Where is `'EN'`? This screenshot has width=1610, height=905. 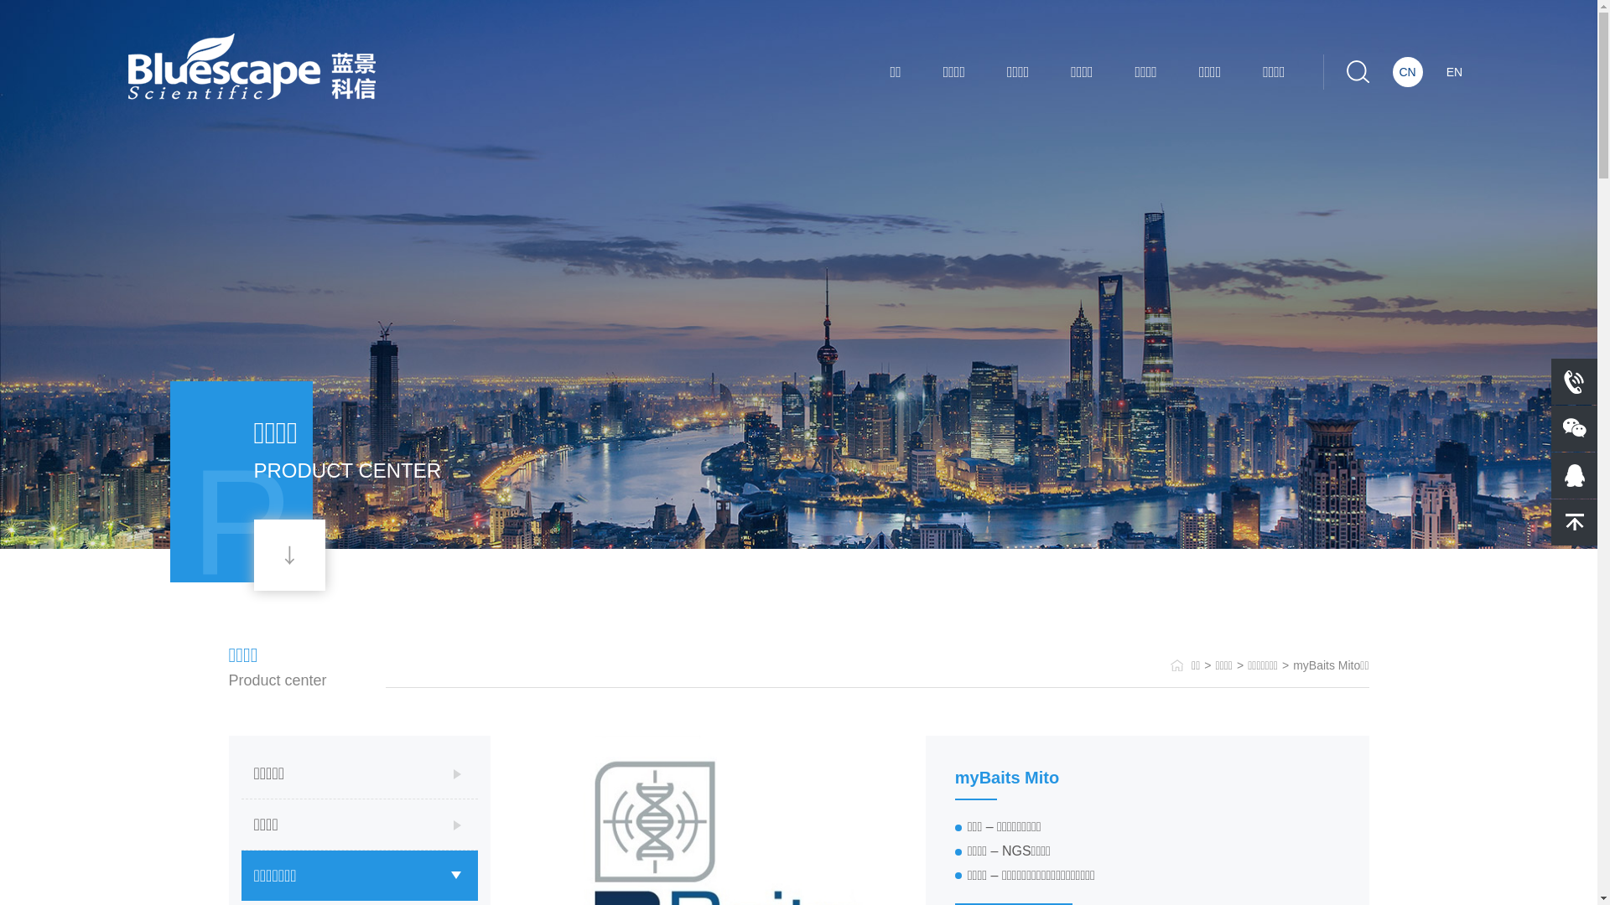
'EN' is located at coordinates (1452, 70).